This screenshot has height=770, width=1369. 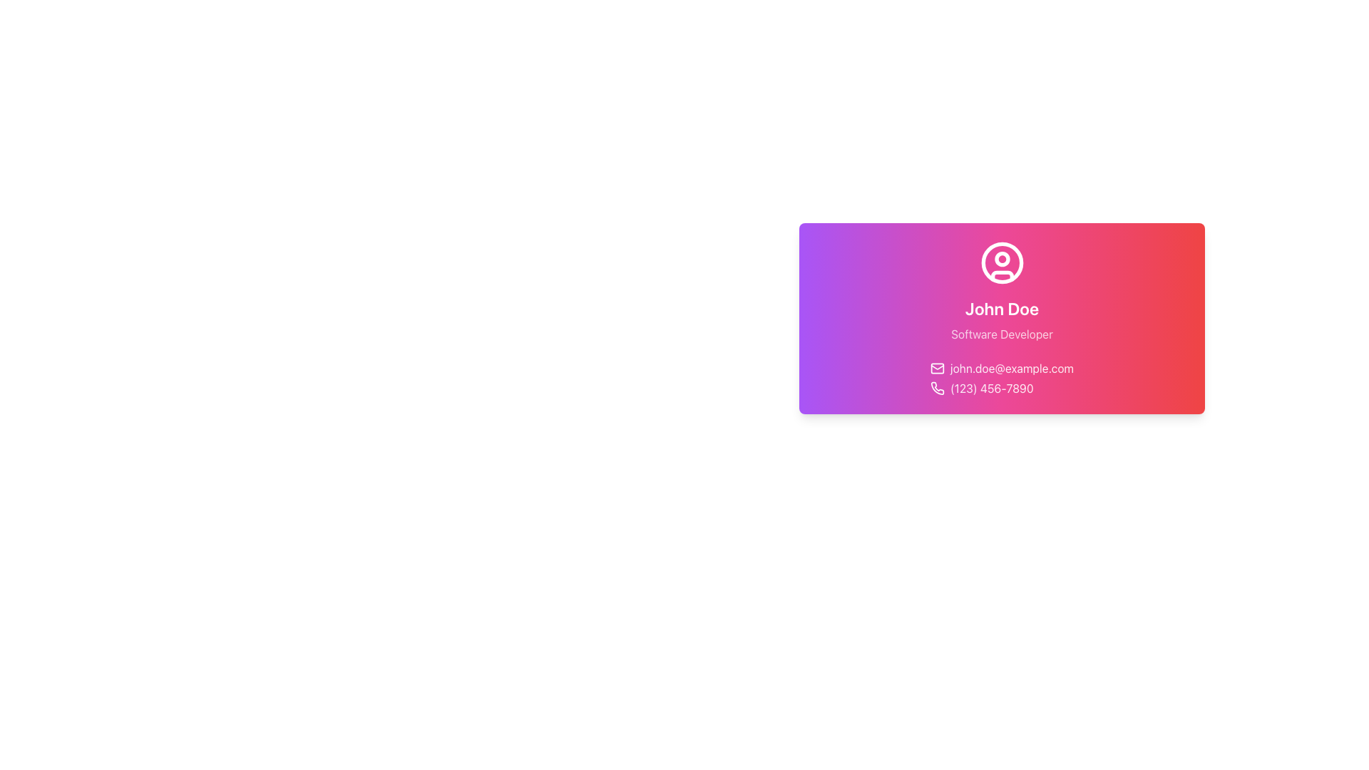 What do you see at coordinates (1001, 263) in the screenshot?
I see `the outer circle of the user avatar icon, which serves as a visual identifier for the user profile representation` at bounding box center [1001, 263].